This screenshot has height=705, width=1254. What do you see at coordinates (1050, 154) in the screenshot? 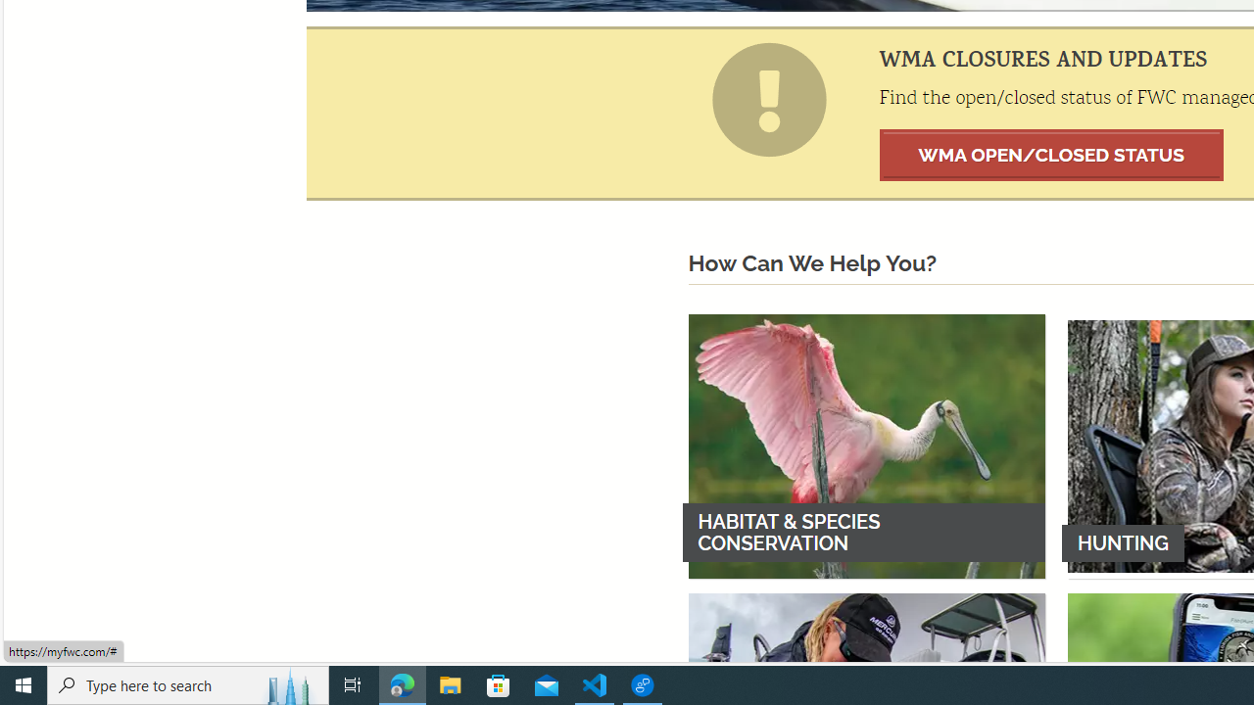
I see `'WMA OPEN/CLOSED STATUS'` at bounding box center [1050, 154].